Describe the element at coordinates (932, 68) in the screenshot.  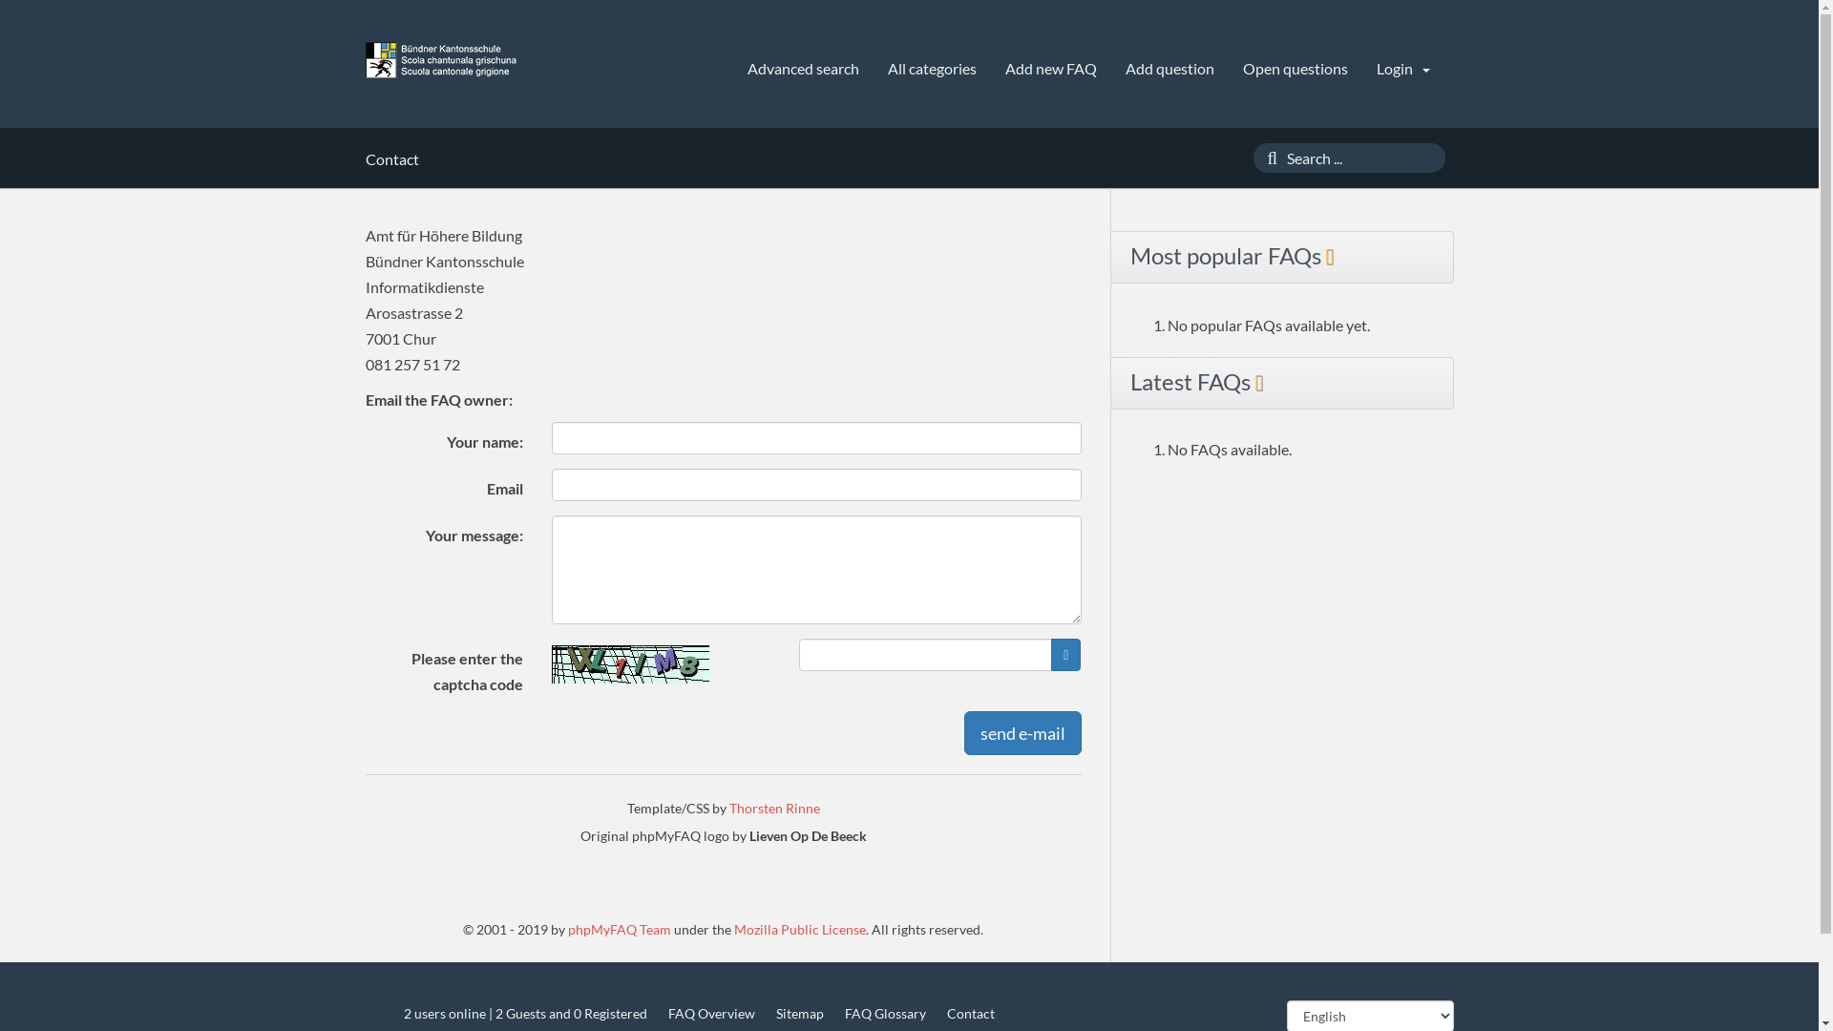
I see `'All categories'` at that location.